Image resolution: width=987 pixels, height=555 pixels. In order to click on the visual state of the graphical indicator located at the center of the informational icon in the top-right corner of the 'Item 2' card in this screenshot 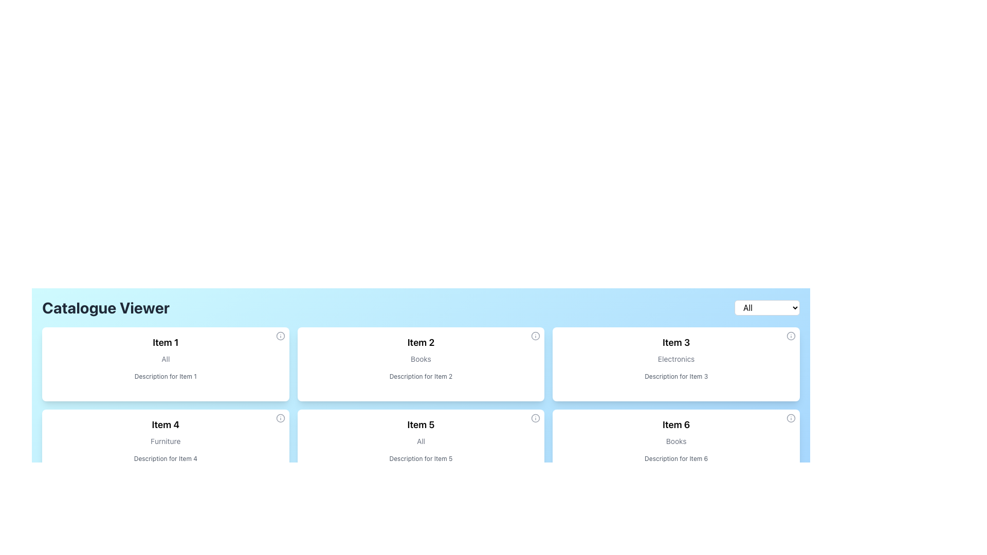, I will do `click(535, 336)`.